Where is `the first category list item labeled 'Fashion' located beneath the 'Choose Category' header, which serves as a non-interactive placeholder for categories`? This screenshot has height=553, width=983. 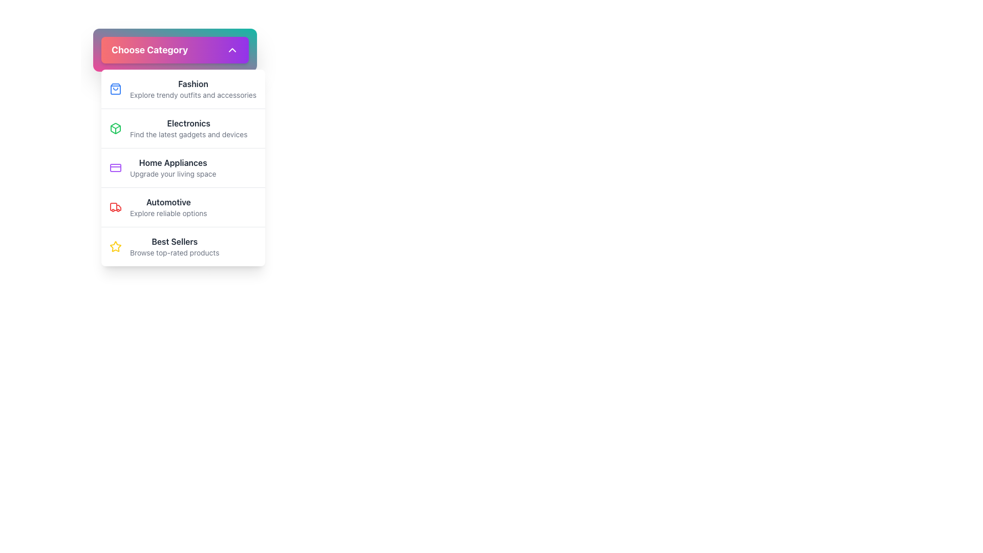
the first category list item labeled 'Fashion' located beneath the 'Choose Category' header, which serves as a non-interactive placeholder for categories is located at coordinates (183, 88).